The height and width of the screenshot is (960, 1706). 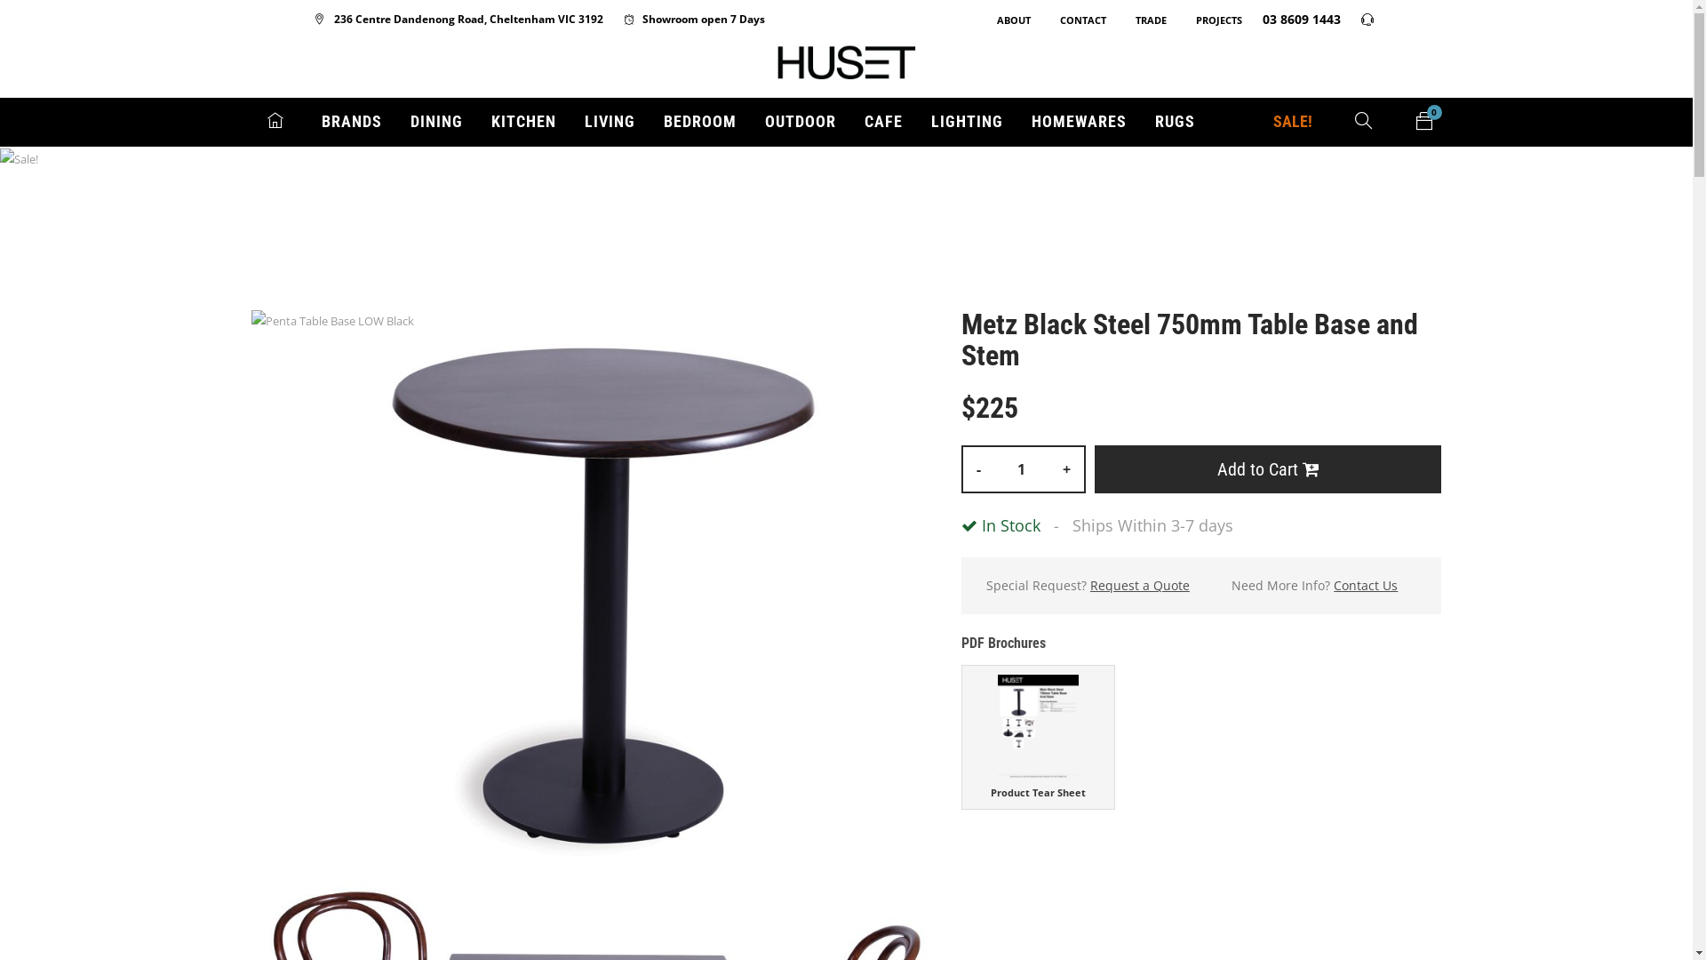 I want to click on 'CONTACT', so click(x=1040, y=20).